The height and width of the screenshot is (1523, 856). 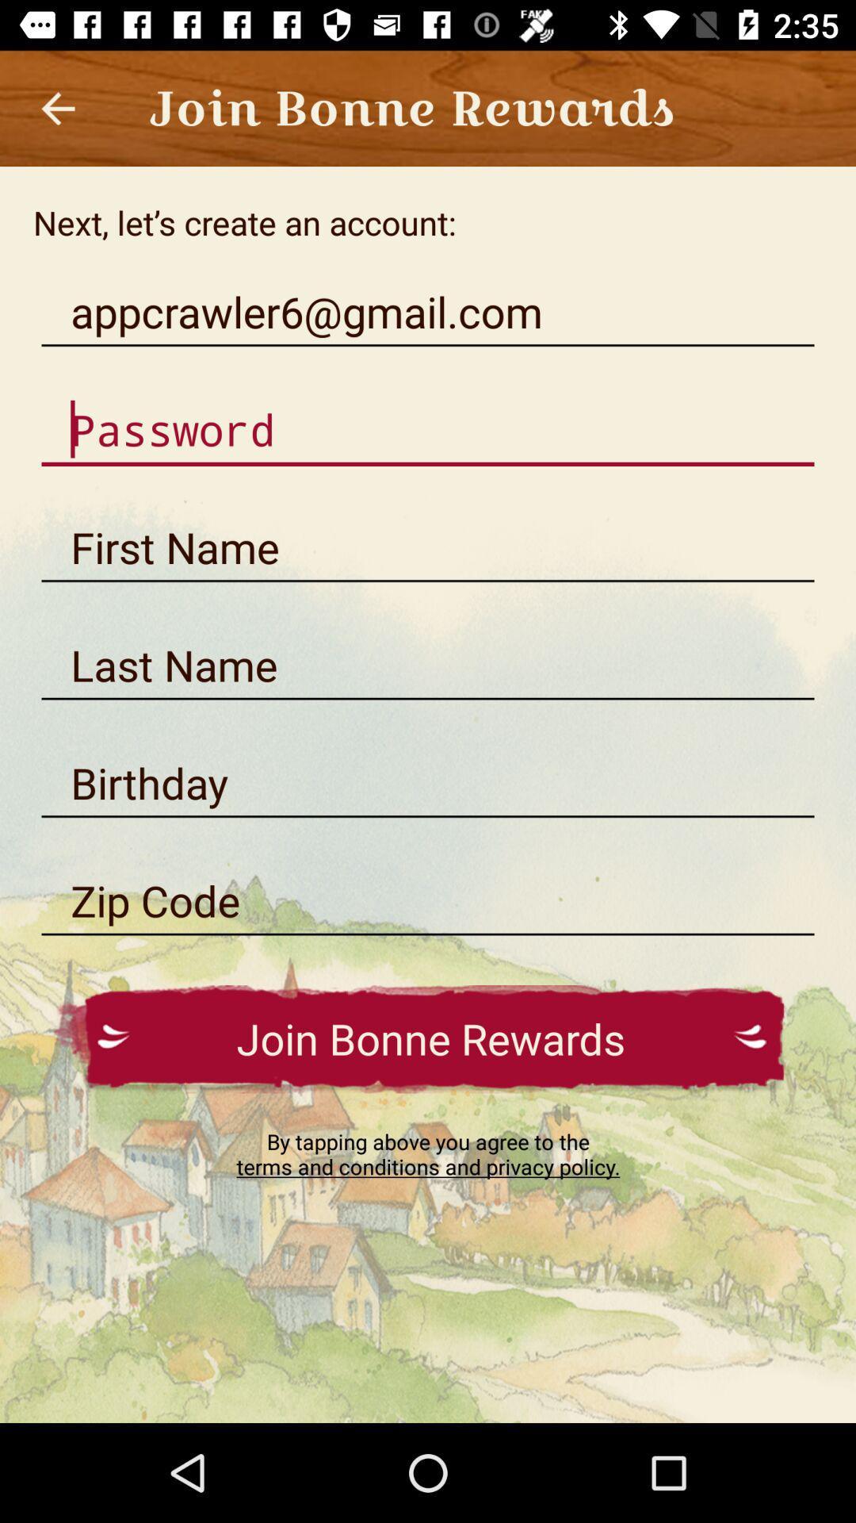 I want to click on birthday, so click(x=428, y=783).